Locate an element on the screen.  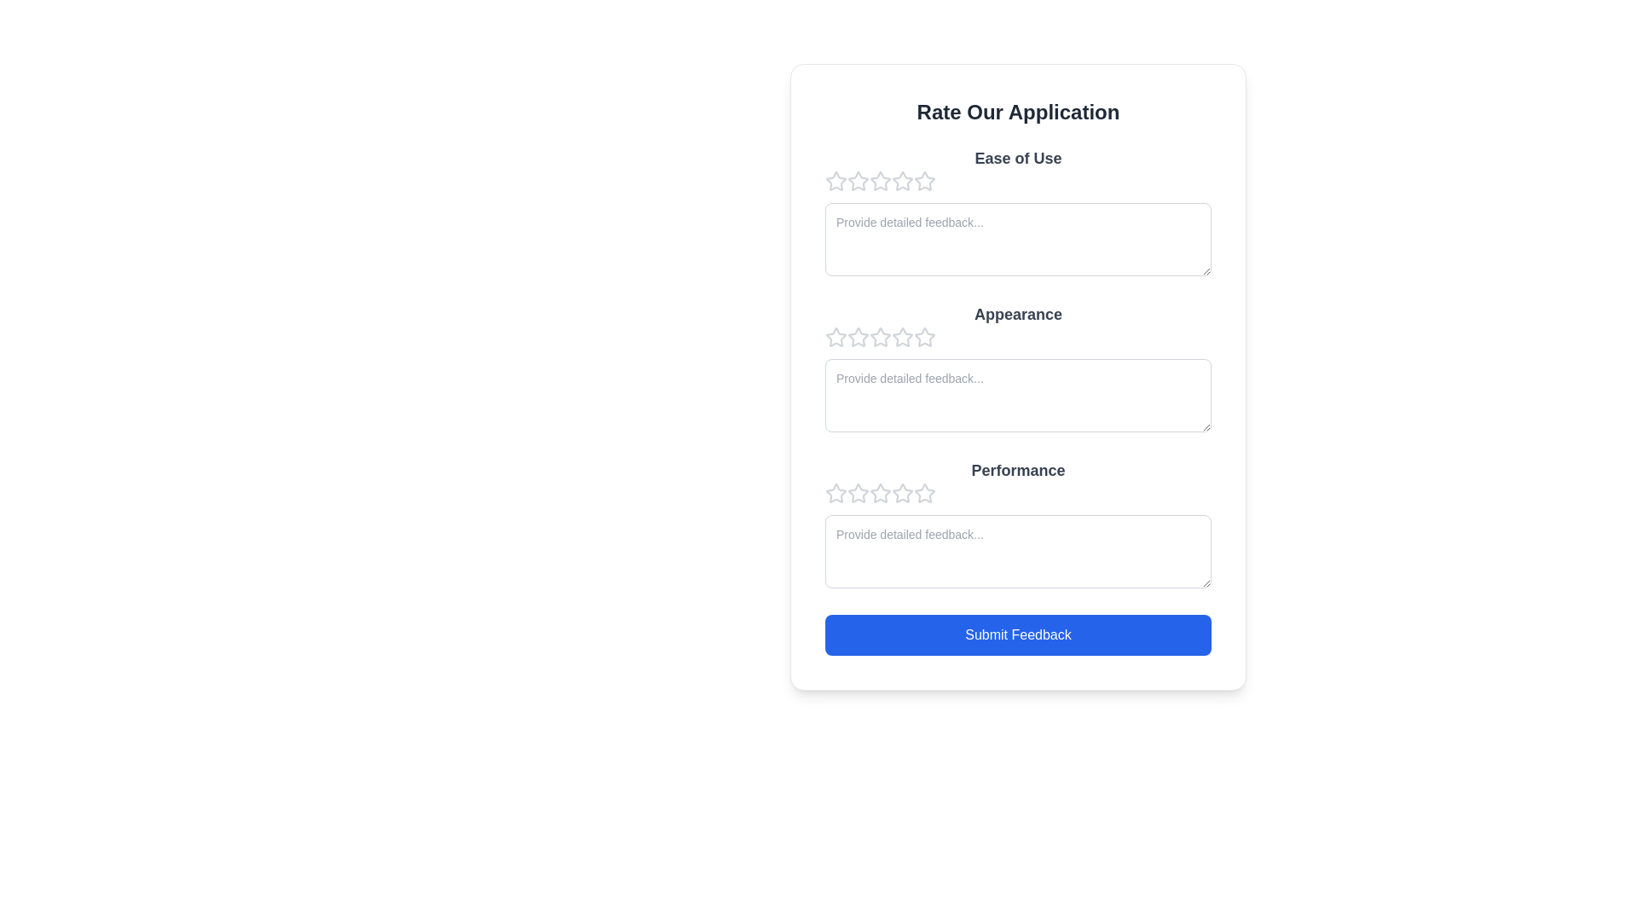
the first star rating icon, which is styled in a neutral gray tone and located beneath the 'Appearance' label in the feedback form is located at coordinates (836, 338).